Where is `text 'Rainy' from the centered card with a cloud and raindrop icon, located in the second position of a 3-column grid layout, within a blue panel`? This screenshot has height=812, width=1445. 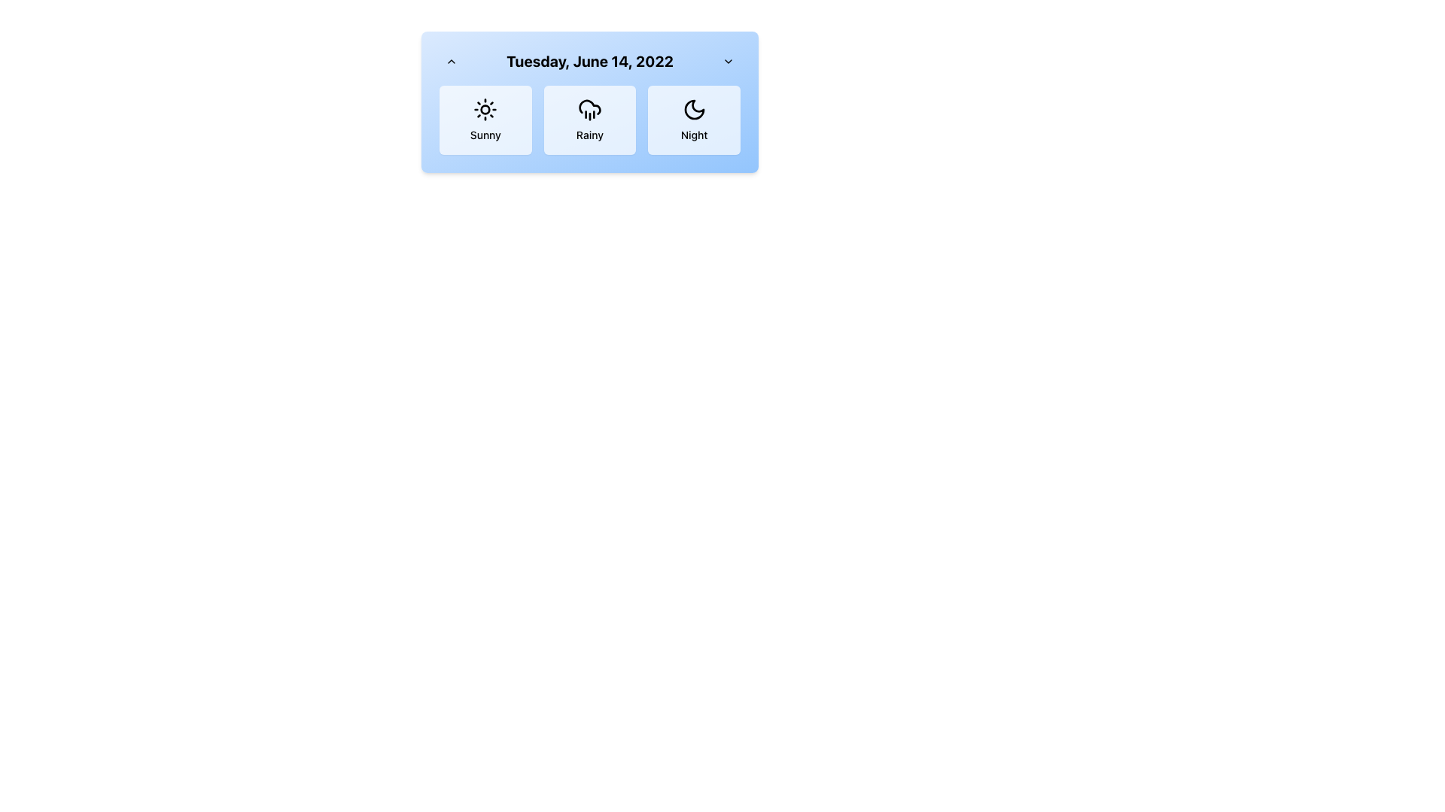 text 'Rainy' from the centered card with a cloud and raindrop icon, located in the second position of a 3-column grid layout, within a blue panel is located at coordinates (589, 119).